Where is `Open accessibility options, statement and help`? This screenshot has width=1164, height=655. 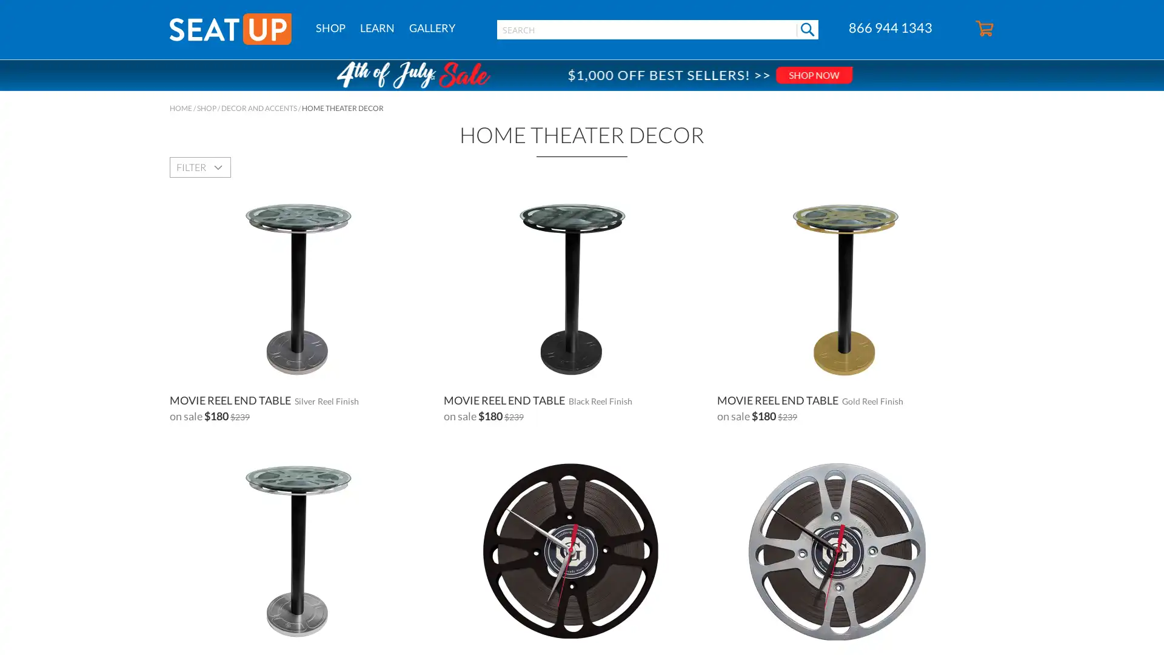
Open accessibility options, statement and help is located at coordinates (22, 631).